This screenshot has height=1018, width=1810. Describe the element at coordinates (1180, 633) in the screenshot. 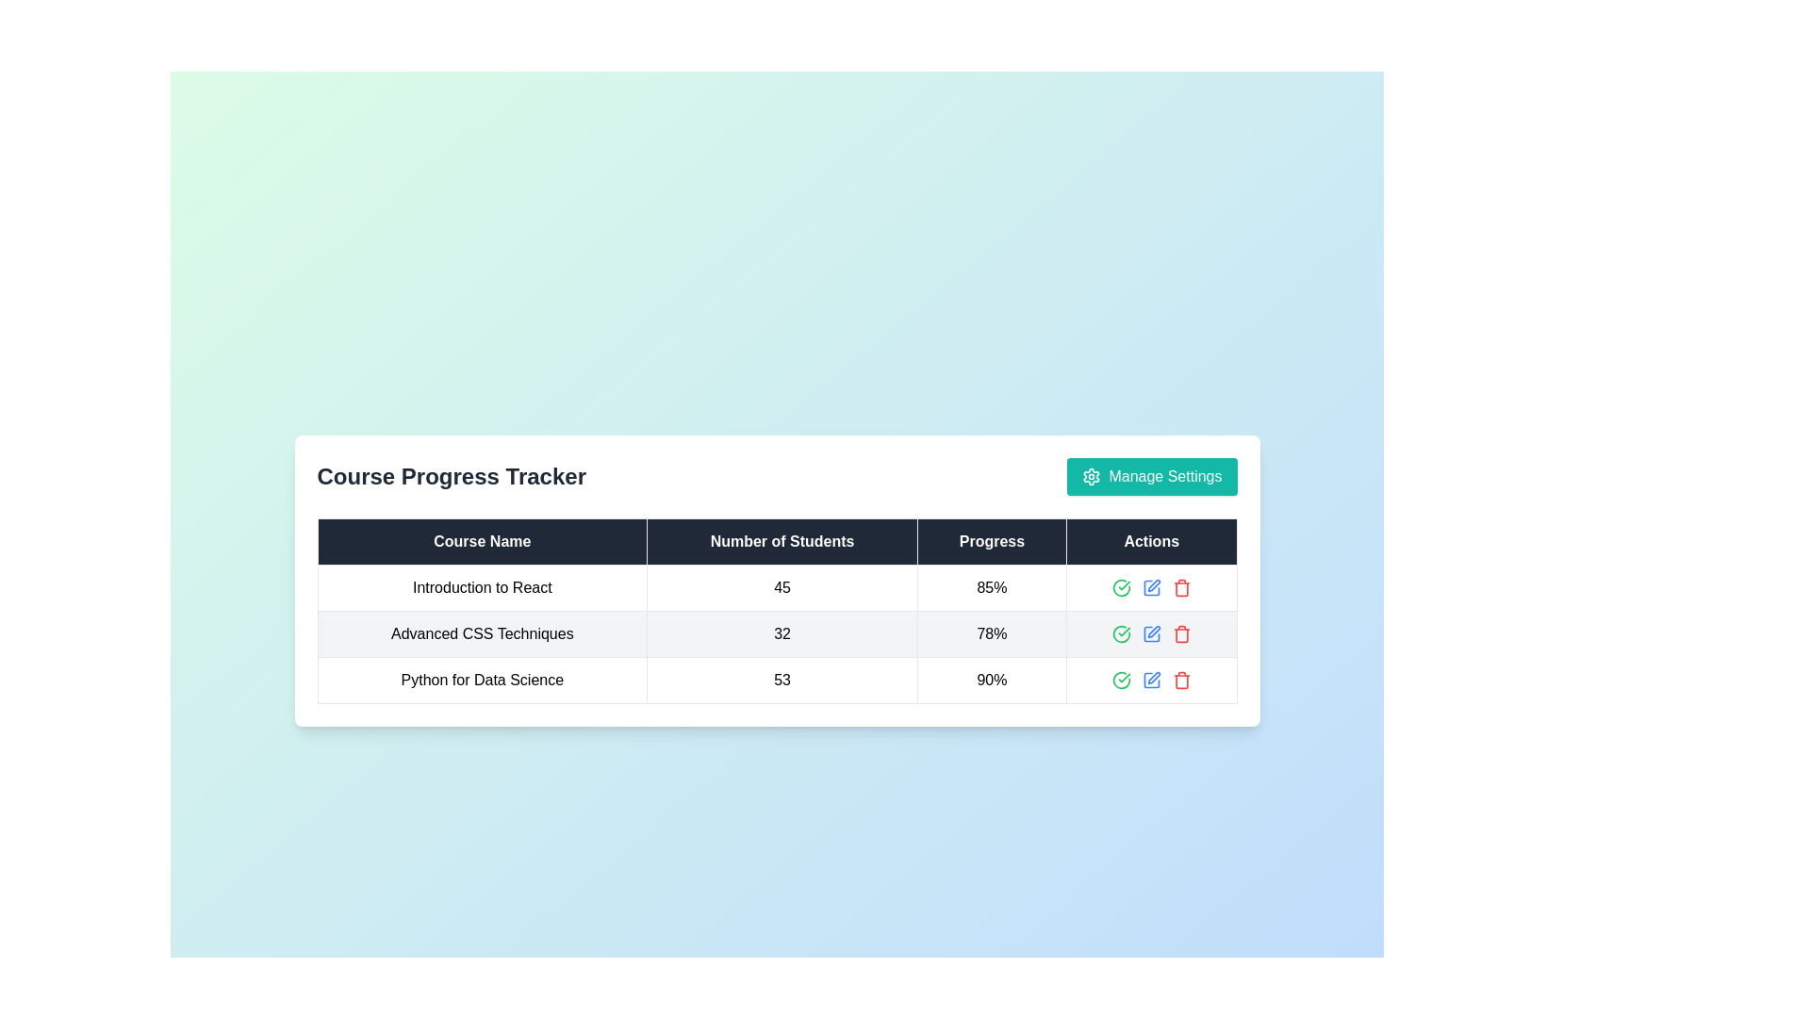

I see `the red trash bin icon, which signifies a delete option, located in the action column of the second row in the table` at that location.